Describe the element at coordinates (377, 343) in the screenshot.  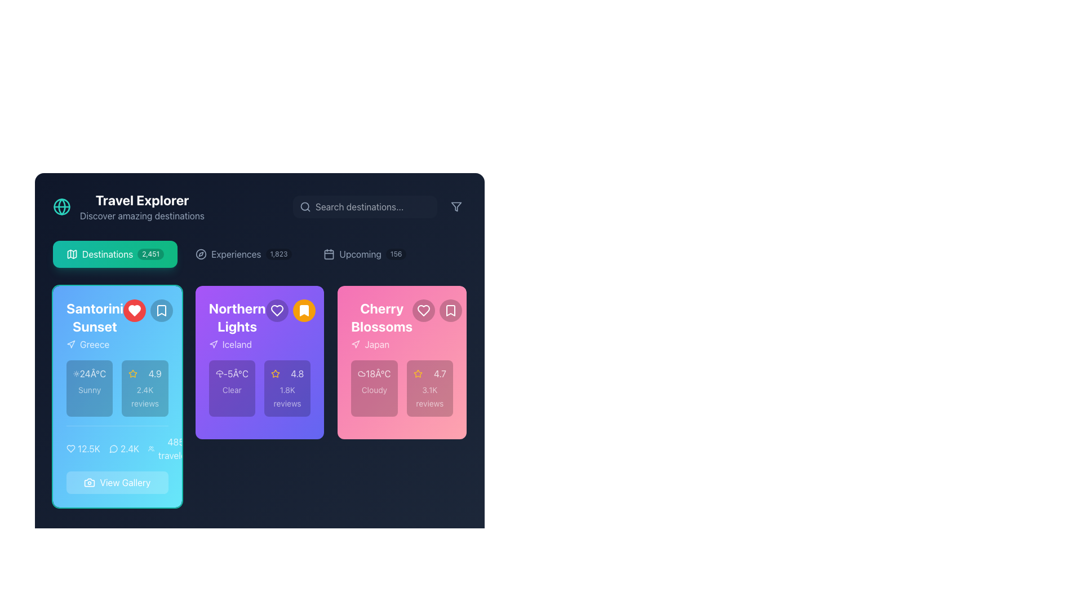
I see `the 'Japan' text label located within the 'Cherry Blossoms' card, which is the third card in a horizontal row of three cards at the top of the interface` at that location.